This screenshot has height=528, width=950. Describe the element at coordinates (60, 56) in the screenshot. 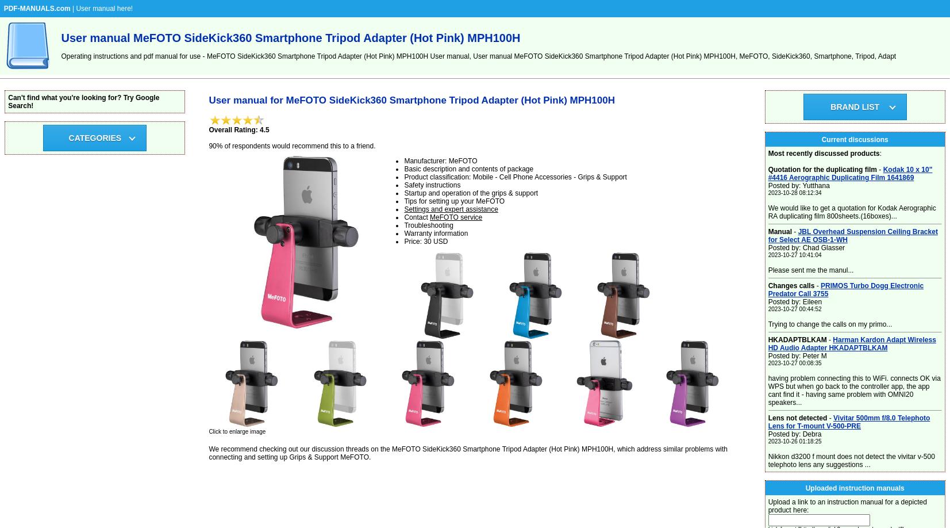

I see `'Operating instructions and pdf manual for use - MeFOTO SideKick360 Smartphone Tripod Adapter (Hot Pink) MPH100H User manual, User manual MeFOTO SideKick360 Smartphone Tripod Adapter (Hot Pink) MPH100H, MeFOTO, SideKick360, Smartphone, Tripod, Adapt'` at that location.